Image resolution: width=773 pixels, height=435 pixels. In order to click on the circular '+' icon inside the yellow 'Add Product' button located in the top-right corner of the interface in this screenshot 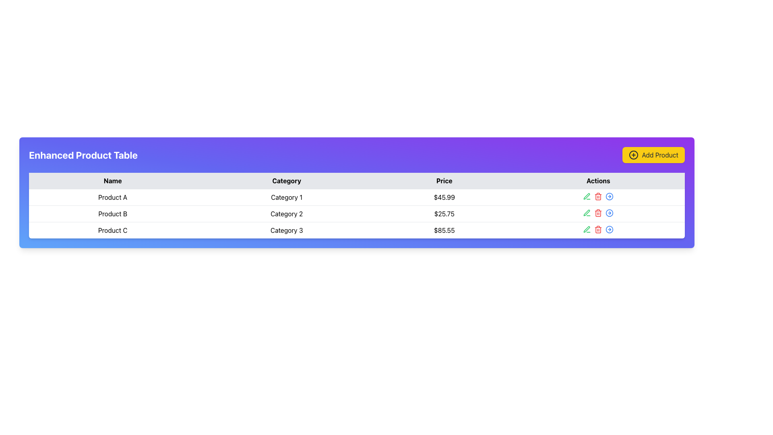, I will do `click(633, 155)`.